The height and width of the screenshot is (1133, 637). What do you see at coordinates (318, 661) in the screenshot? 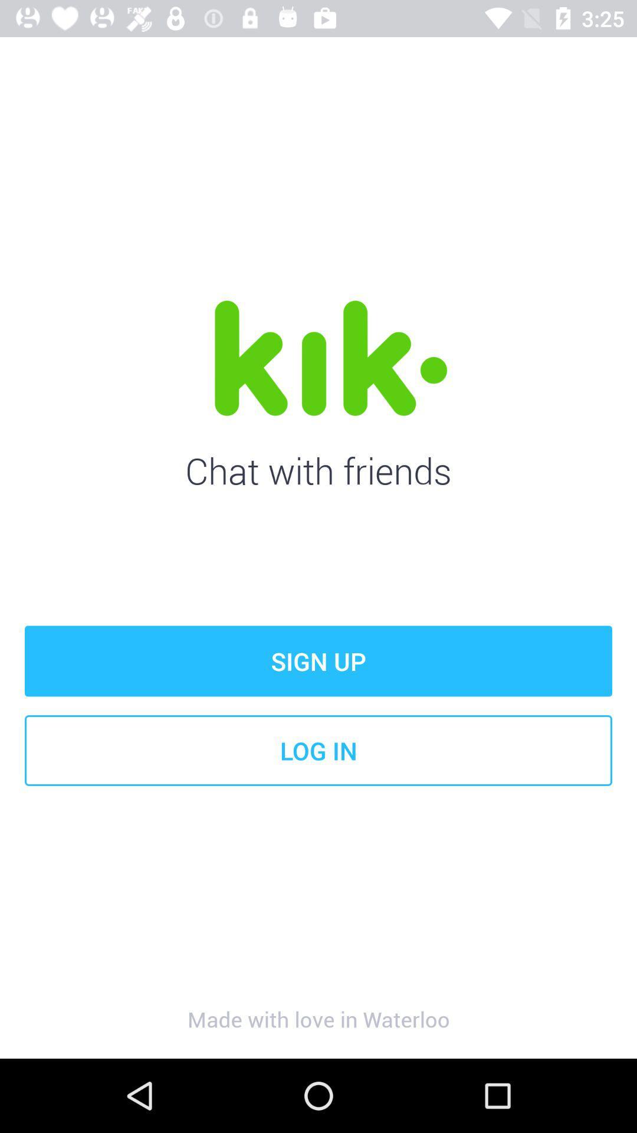
I see `the sign up` at bounding box center [318, 661].